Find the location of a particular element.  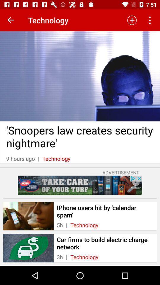

advertisement is located at coordinates (80, 185).